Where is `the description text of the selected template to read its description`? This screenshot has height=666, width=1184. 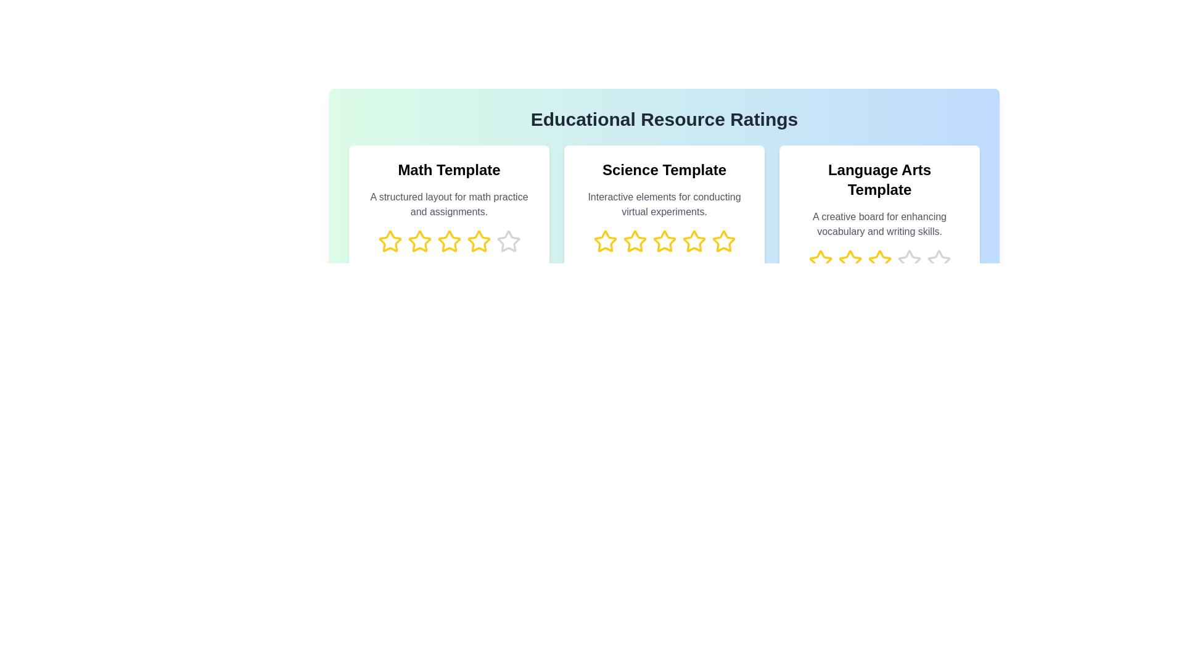 the description text of the selected template to read its description is located at coordinates (448, 203).